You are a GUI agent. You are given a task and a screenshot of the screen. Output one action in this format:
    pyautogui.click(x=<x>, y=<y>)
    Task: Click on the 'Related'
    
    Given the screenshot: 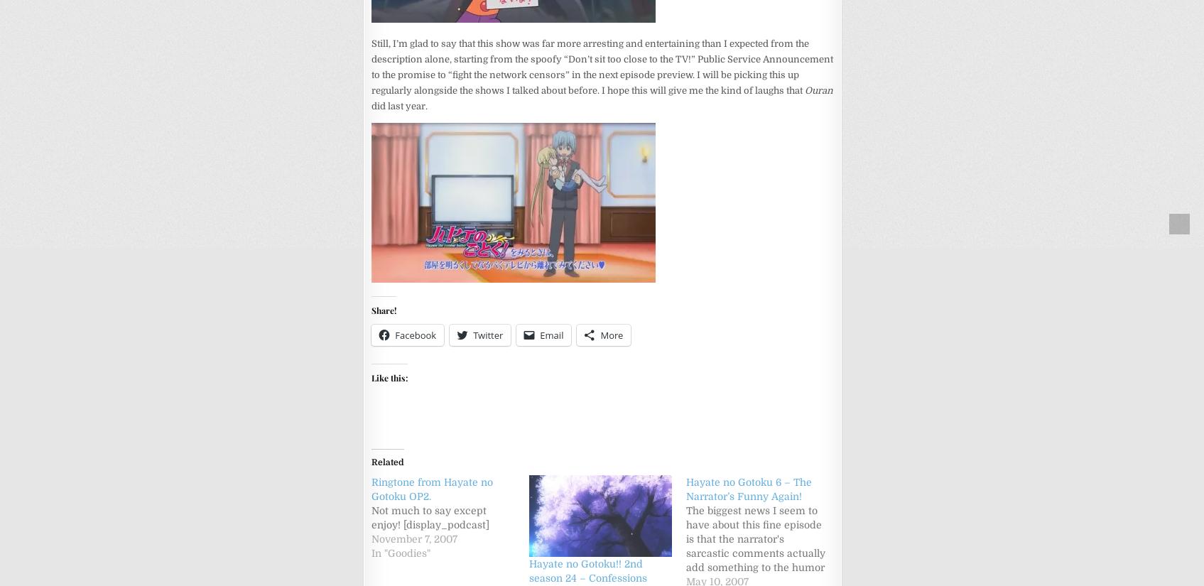 What is the action you would take?
    pyautogui.click(x=371, y=461)
    